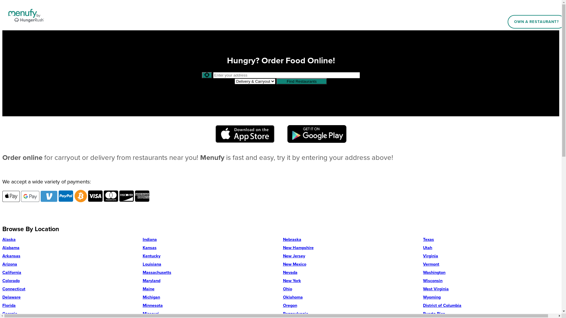 The image size is (566, 318). I want to click on 'Alaska', so click(2, 239).